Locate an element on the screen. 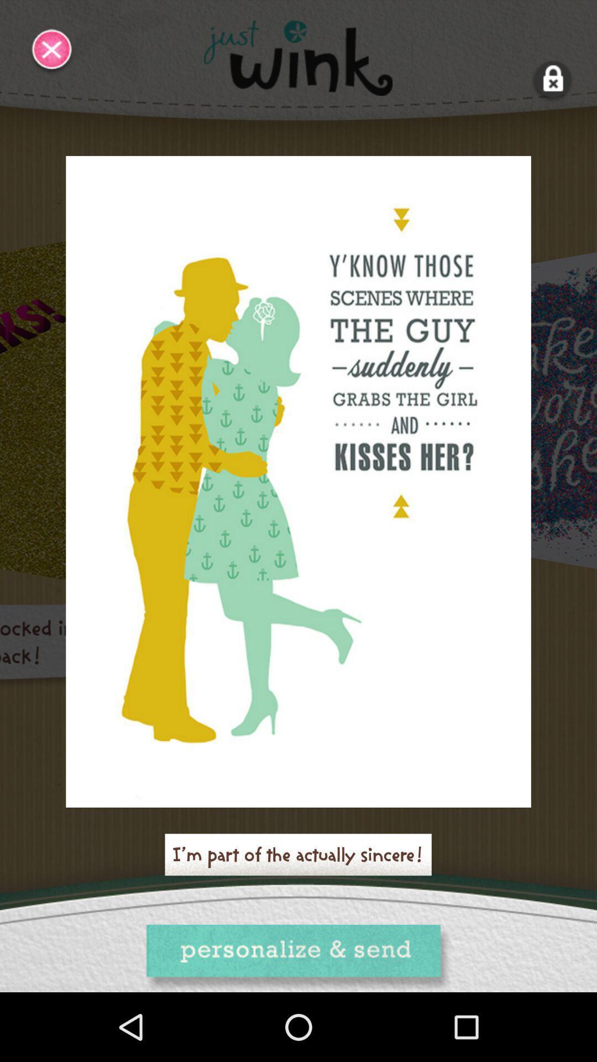  the close icon is located at coordinates (52, 51).